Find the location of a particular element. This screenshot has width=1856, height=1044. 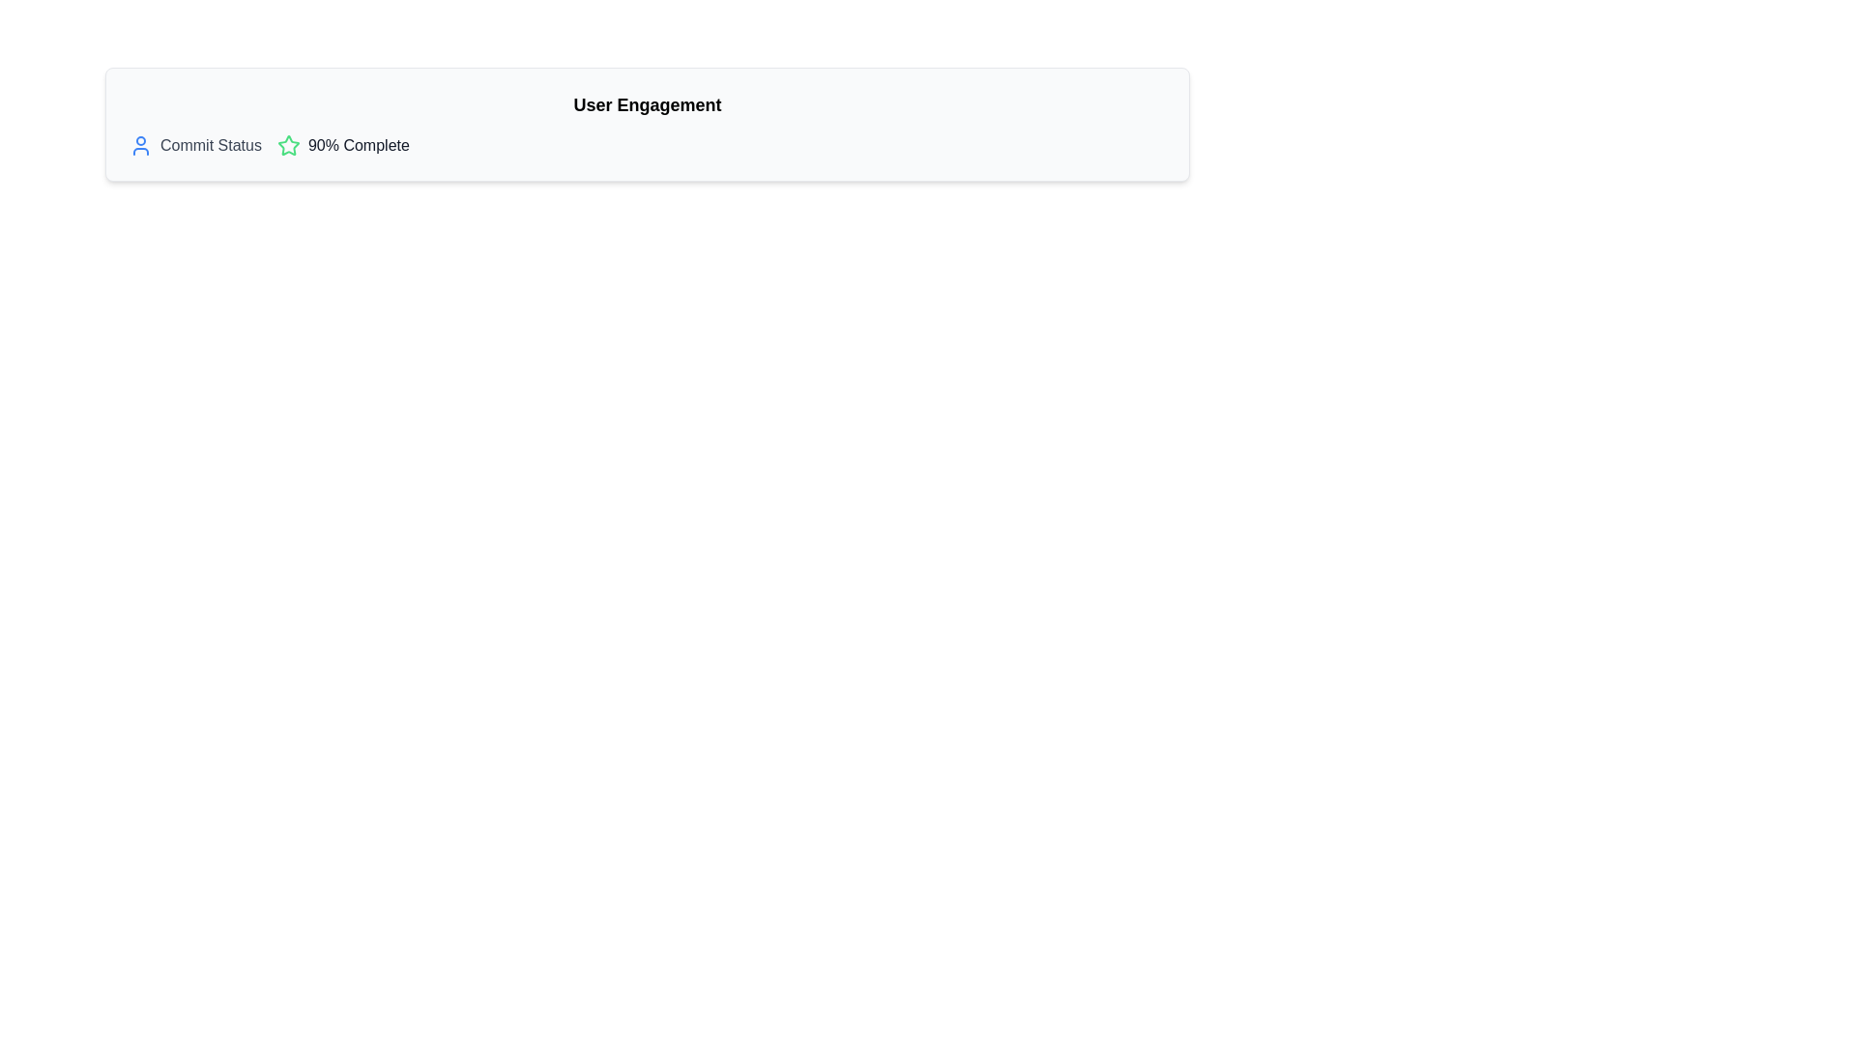

the blue person icon, which is the leftmost element in the horizontal arrangement that includes the text 'Commit Status' and other icons is located at coordinates (139, 144).